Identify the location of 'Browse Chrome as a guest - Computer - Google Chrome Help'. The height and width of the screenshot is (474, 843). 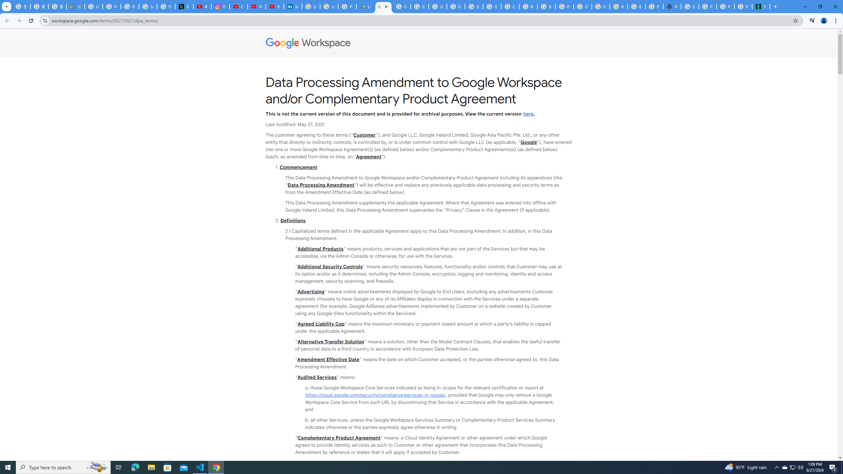
(636, 6).